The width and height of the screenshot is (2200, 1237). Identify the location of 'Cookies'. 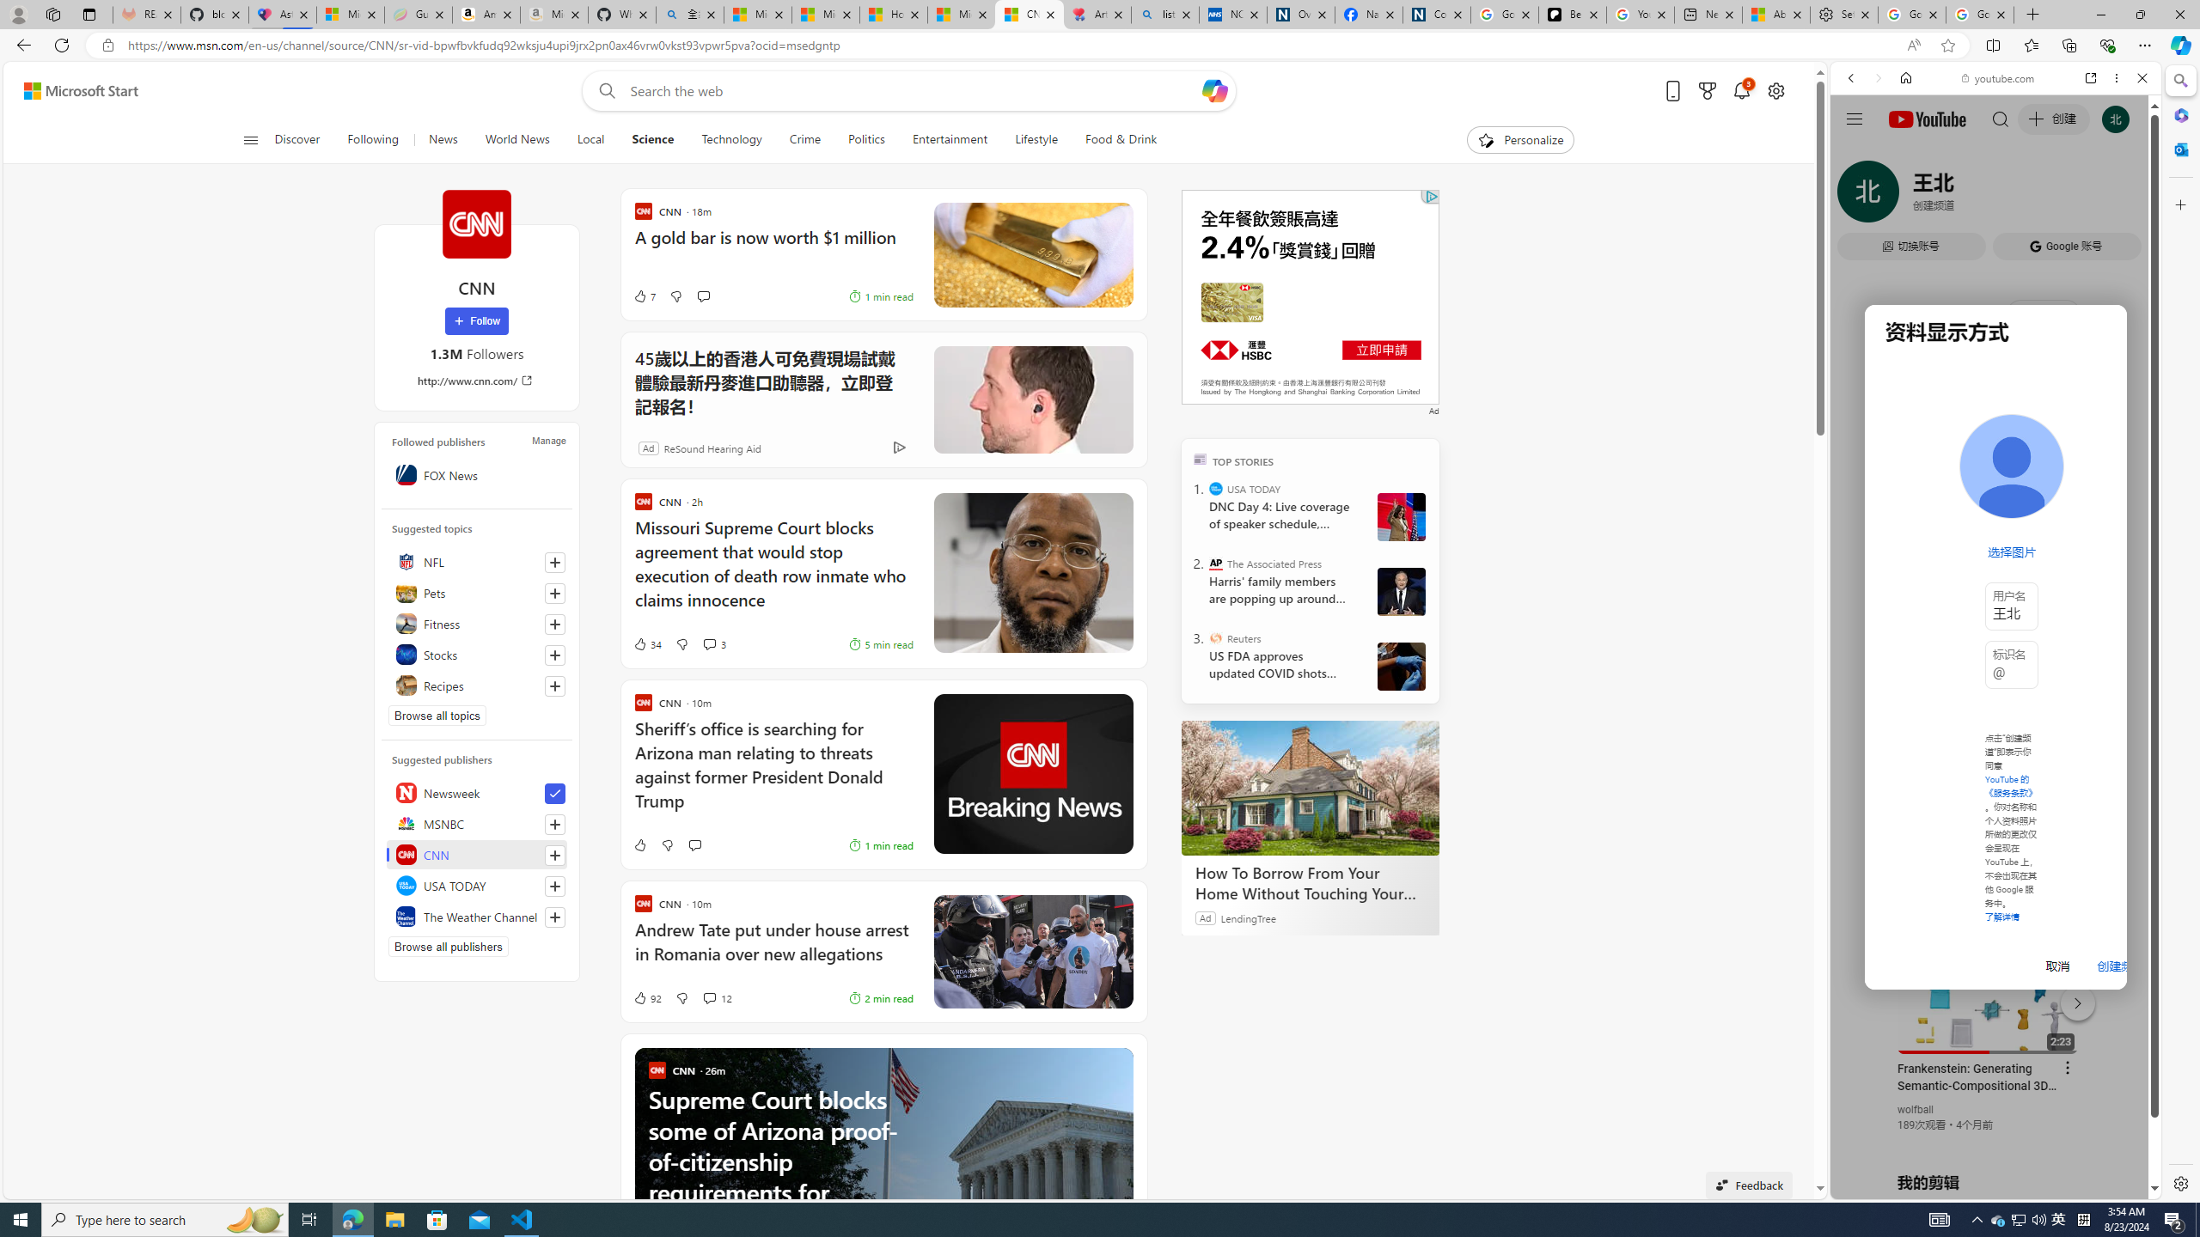
(1436, 14).